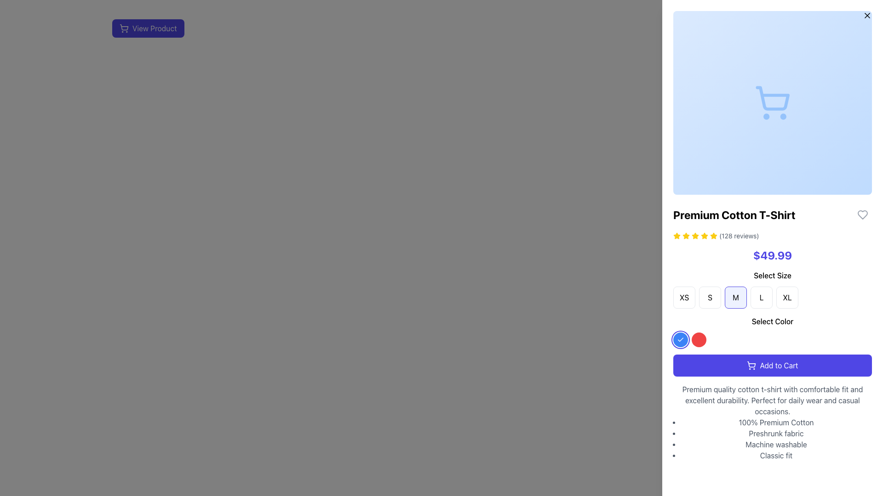 The height and width of the screenshot is (496, 883). Describe the element at coordinates (862, 214) in the screenshot. I see `the small heart icon button, which is gray and outlined, located to the far right of the 'Premium Cotton T-Shirt' title, to trigger its hover state effect` at that location.